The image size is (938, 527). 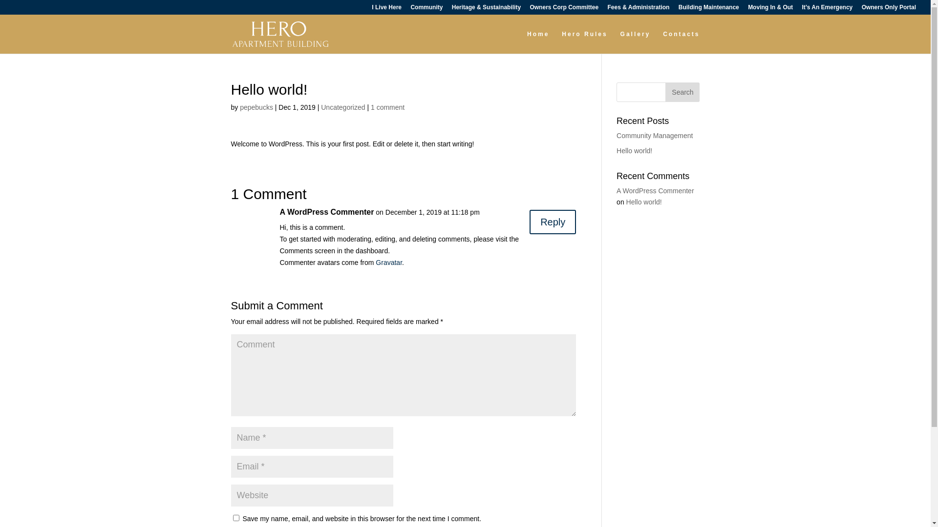 I want to click on 'Community Management', so click(x=616, y=135).